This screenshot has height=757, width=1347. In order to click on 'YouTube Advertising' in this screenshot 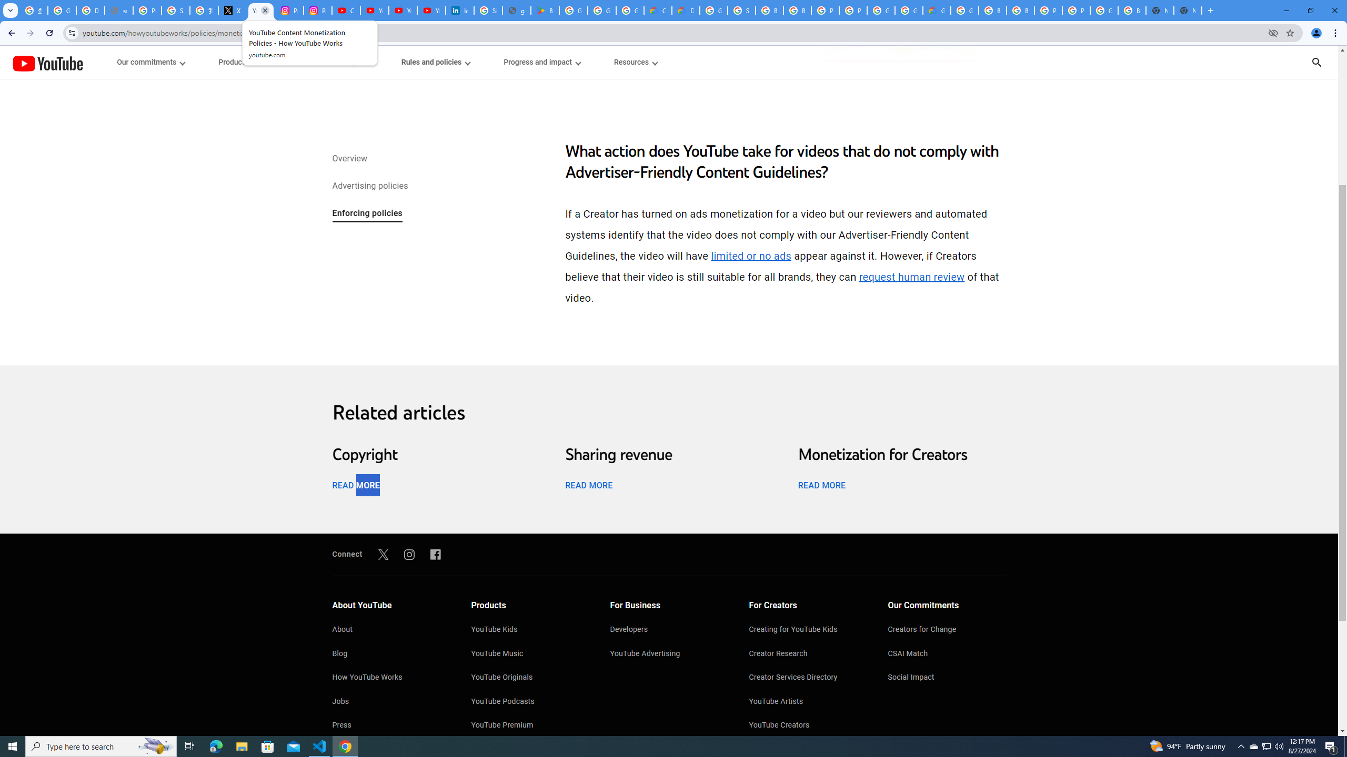, I will do `click(669, 654)`.